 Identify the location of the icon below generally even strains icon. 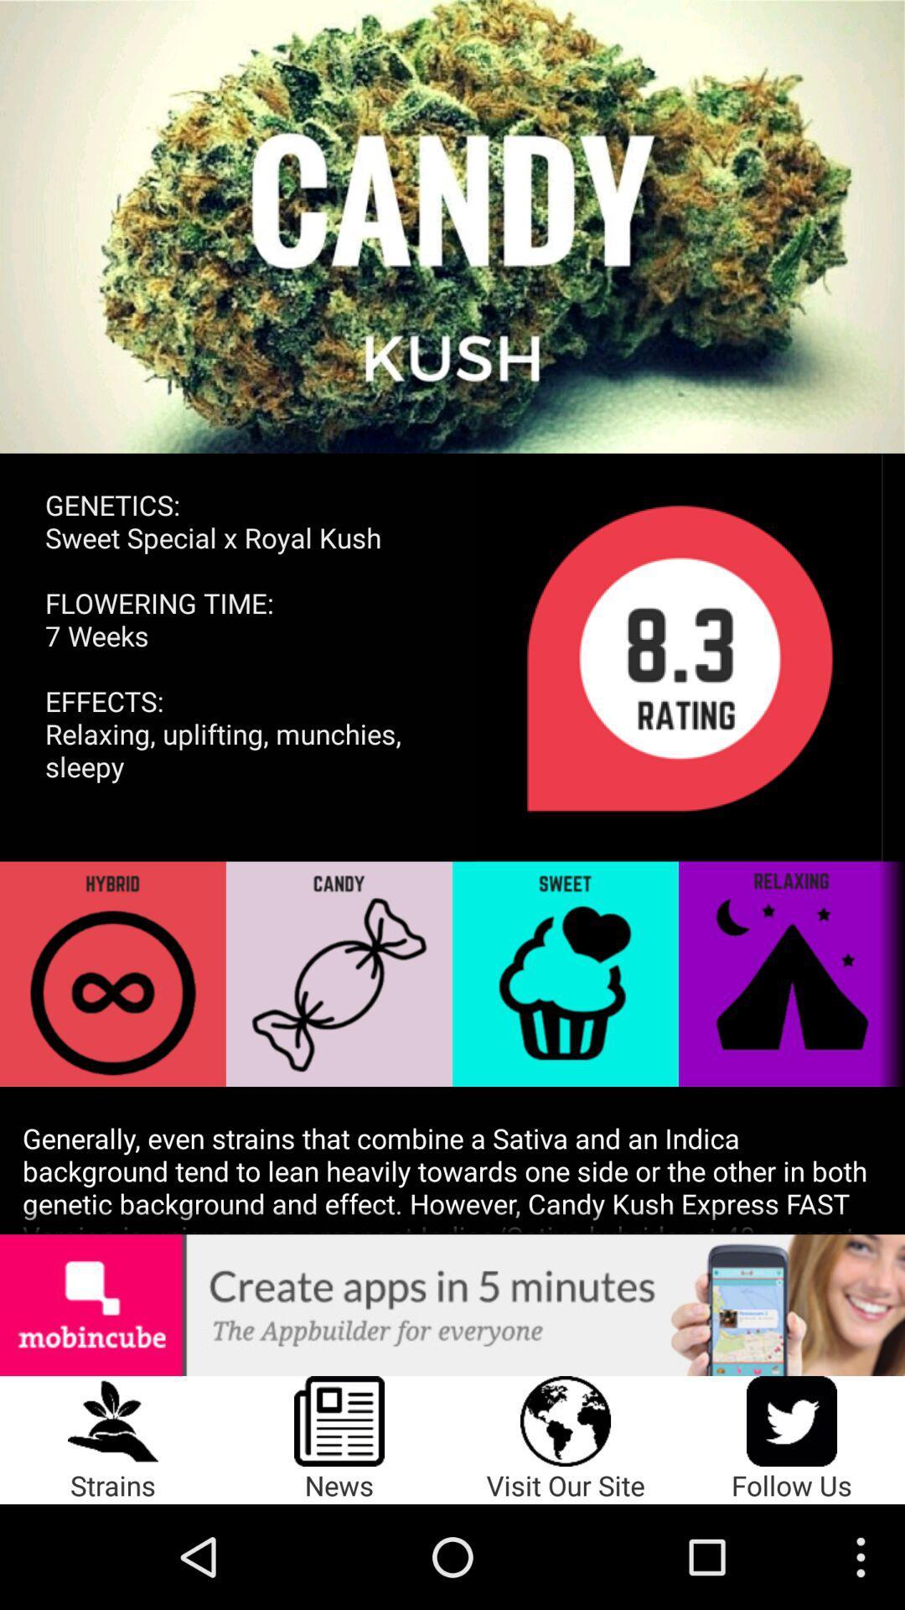
(452, 1304).